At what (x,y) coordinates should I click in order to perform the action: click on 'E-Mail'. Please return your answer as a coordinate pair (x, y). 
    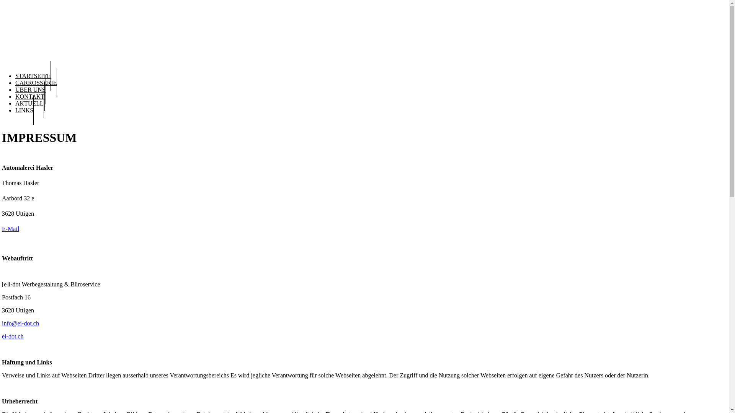
    Looking at the image, I should click on (10, 228).